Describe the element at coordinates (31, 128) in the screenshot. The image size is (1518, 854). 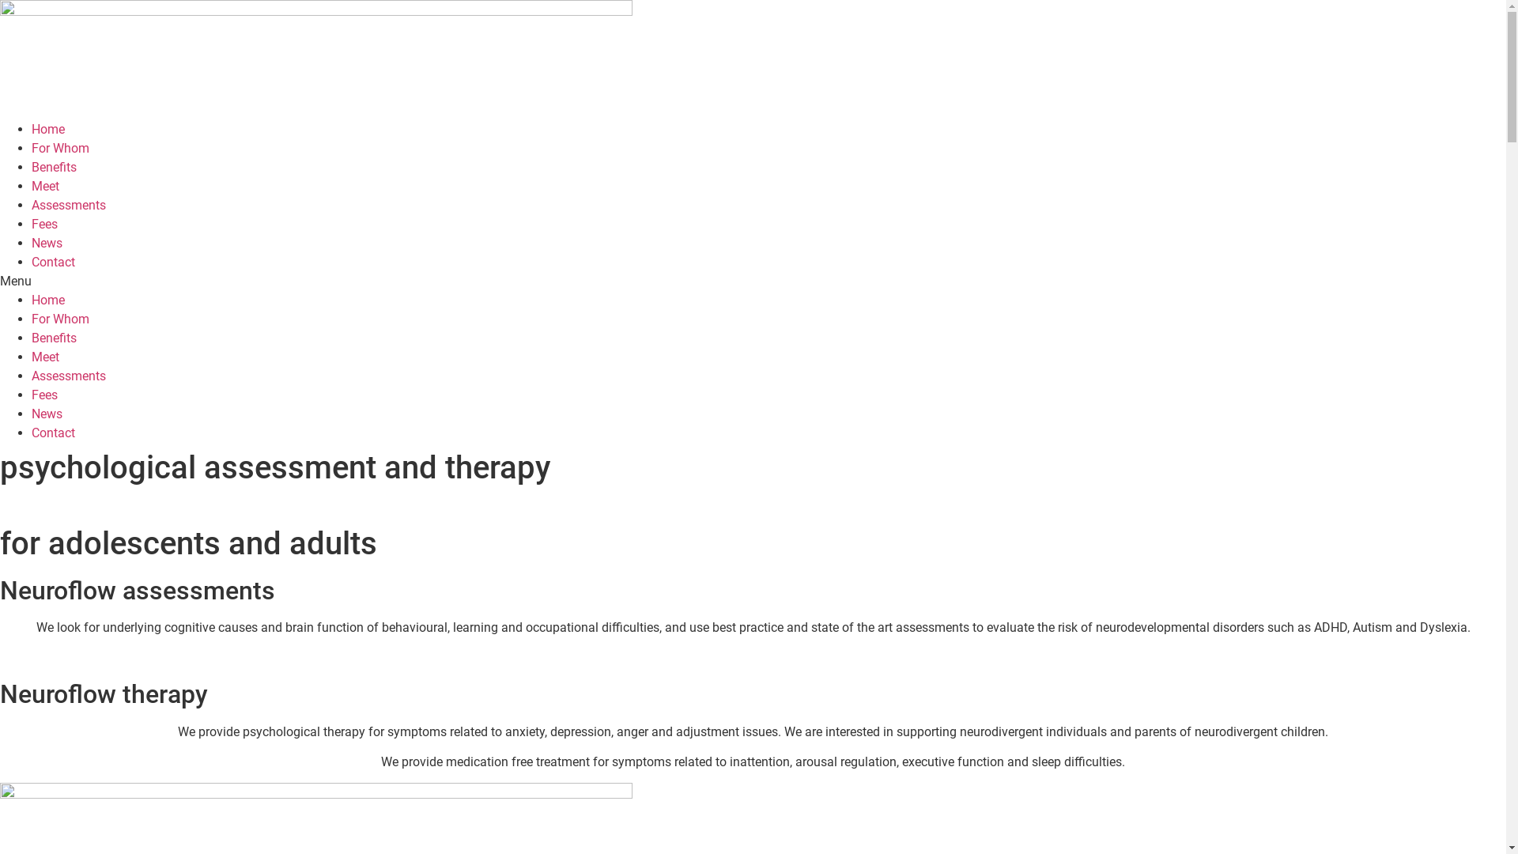
I see `'Home'` at that location.